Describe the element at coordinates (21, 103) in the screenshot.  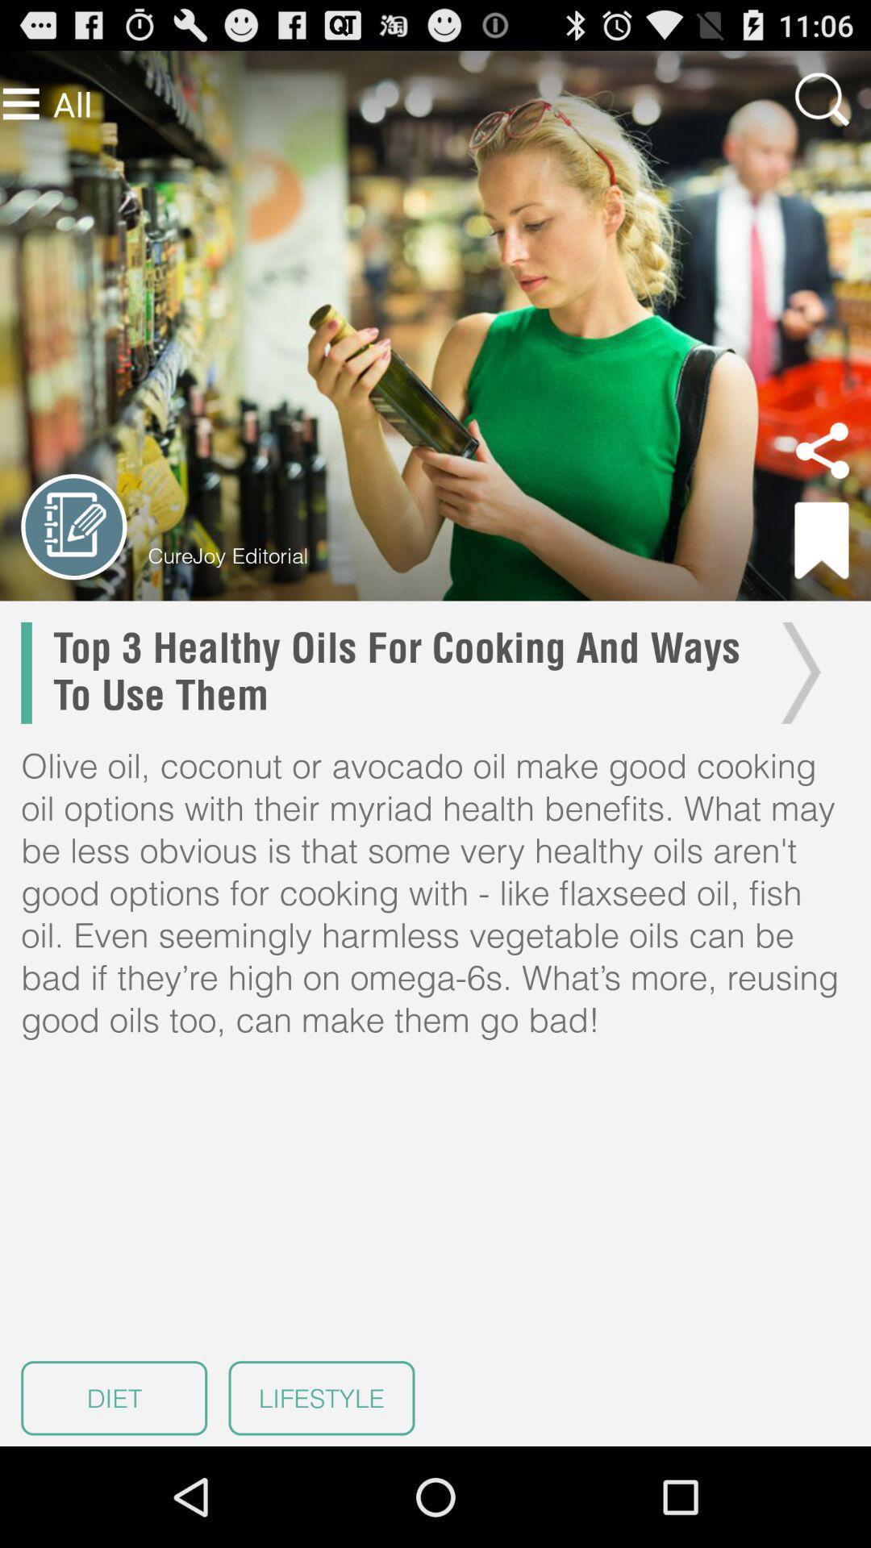
I see `to more options open to more options` at that location.